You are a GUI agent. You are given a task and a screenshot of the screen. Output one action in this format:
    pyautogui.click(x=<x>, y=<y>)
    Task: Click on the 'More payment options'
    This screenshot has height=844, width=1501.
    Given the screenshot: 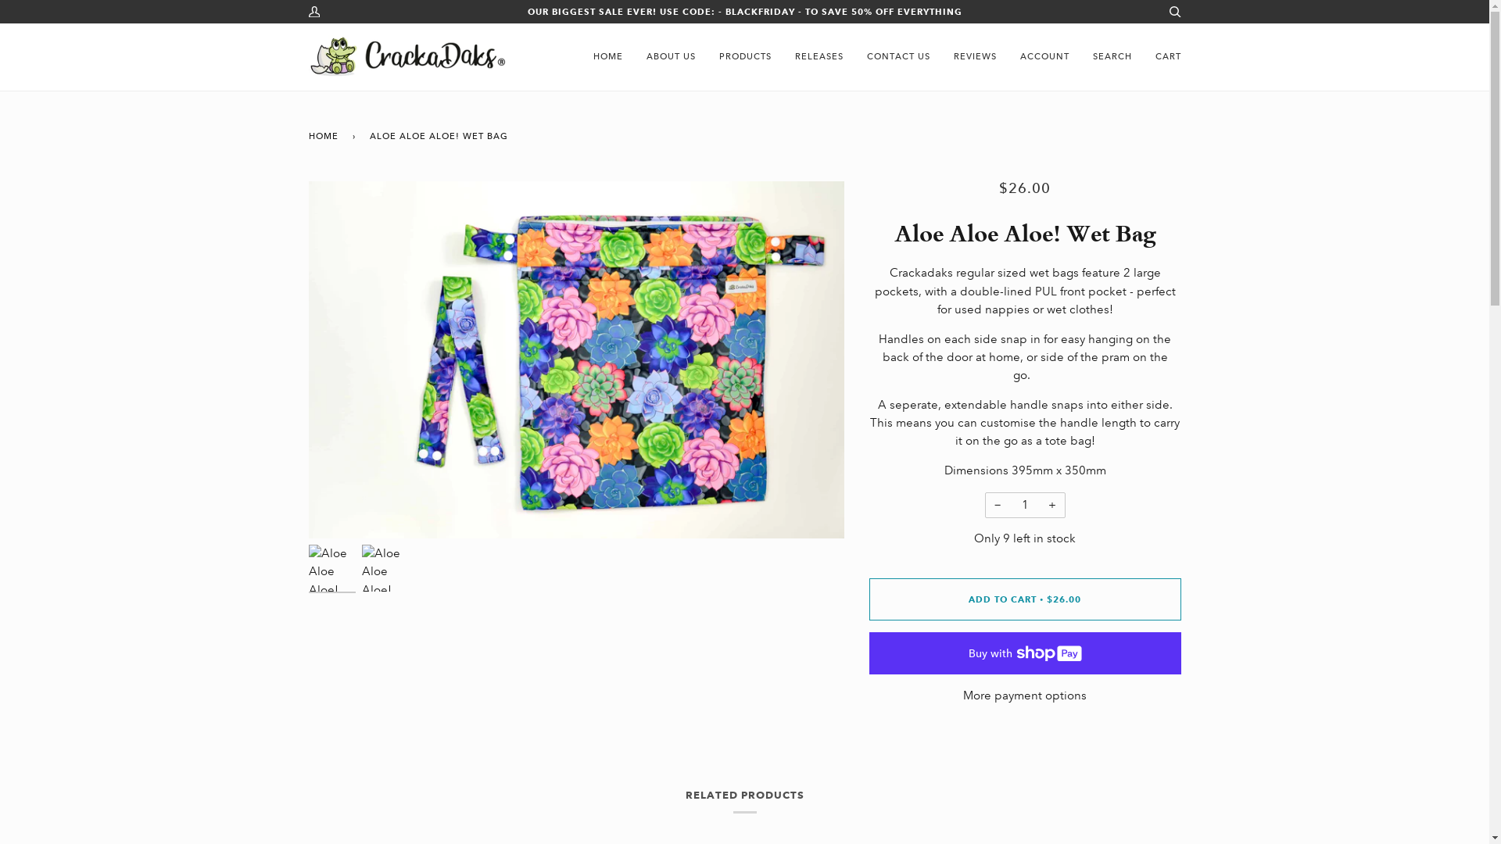 What is the action you would take?
    pyautogui.click(x=1025, y=695)
    